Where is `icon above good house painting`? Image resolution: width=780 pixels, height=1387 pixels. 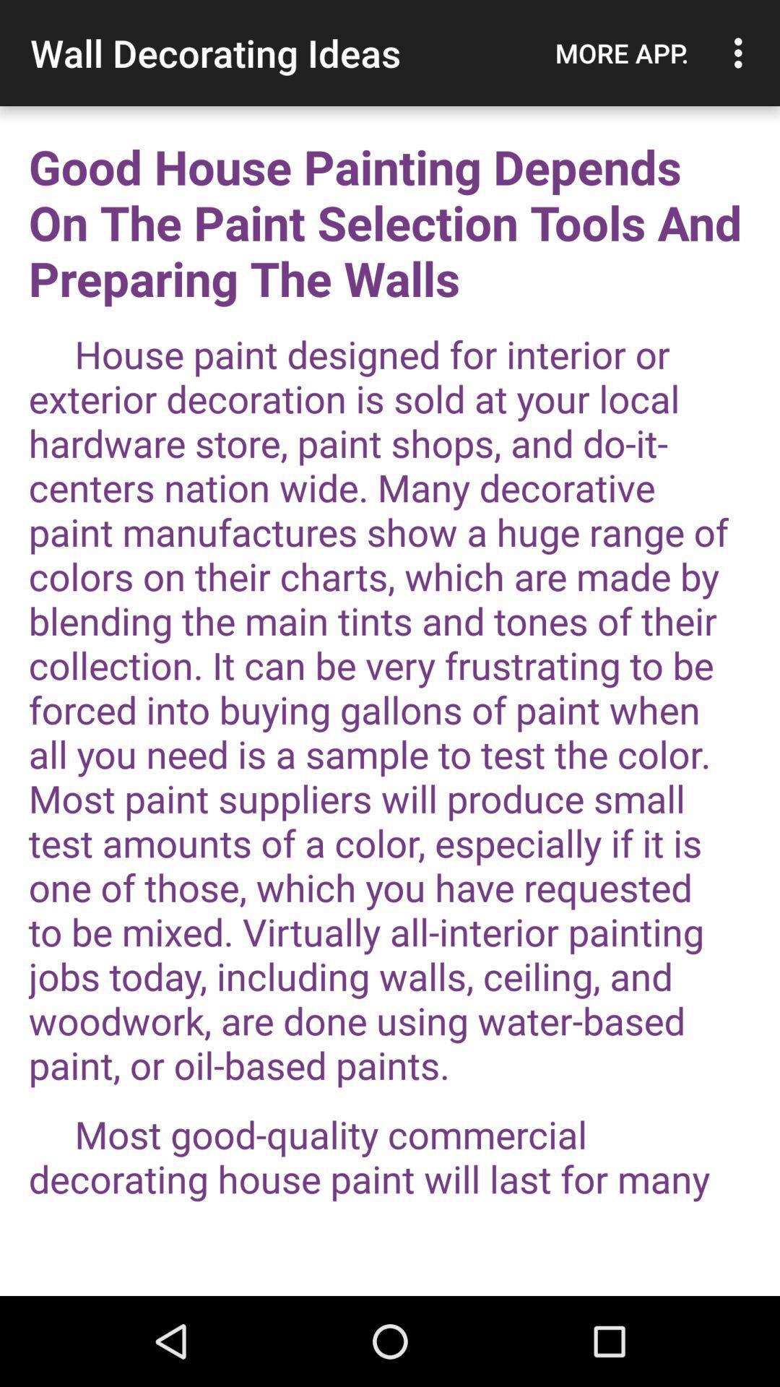
icon above good house painting is located at coordinates (742, 53).